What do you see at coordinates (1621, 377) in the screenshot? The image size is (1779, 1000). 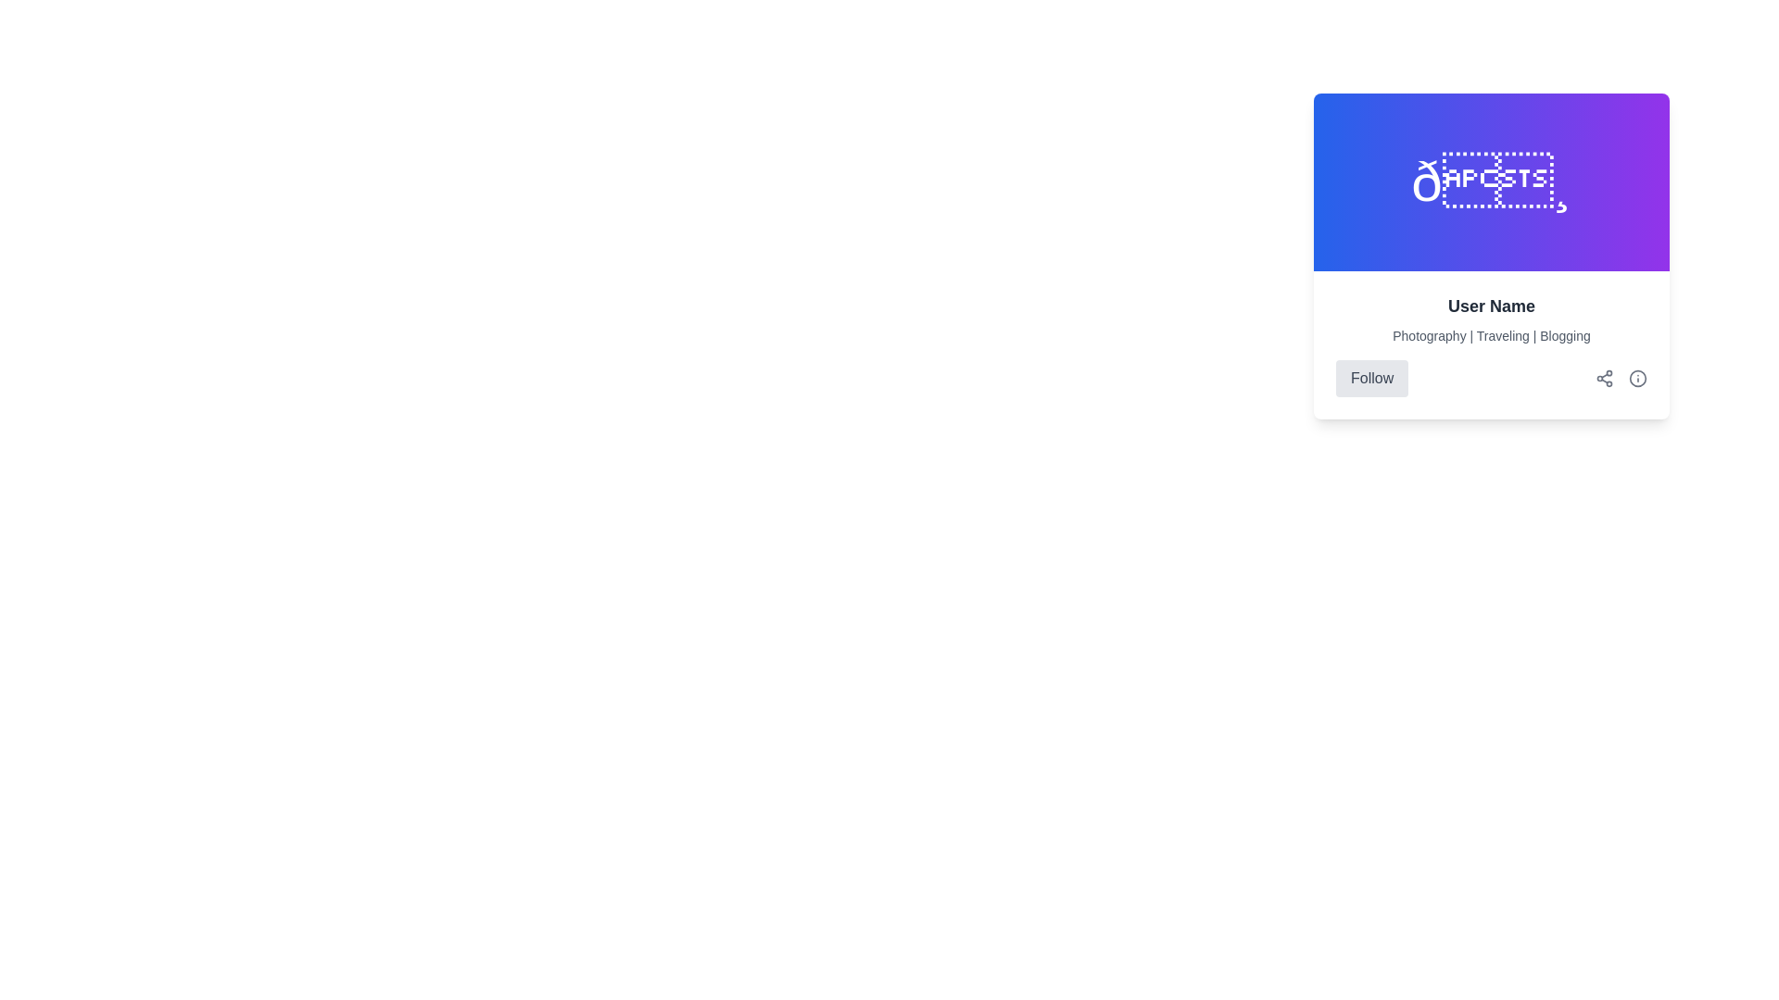 I see `the 'share' icon in the horizontal icon group, which is located on the bottom right of the user card beside the 'Follow' button` at bounding box center [1621, 377].